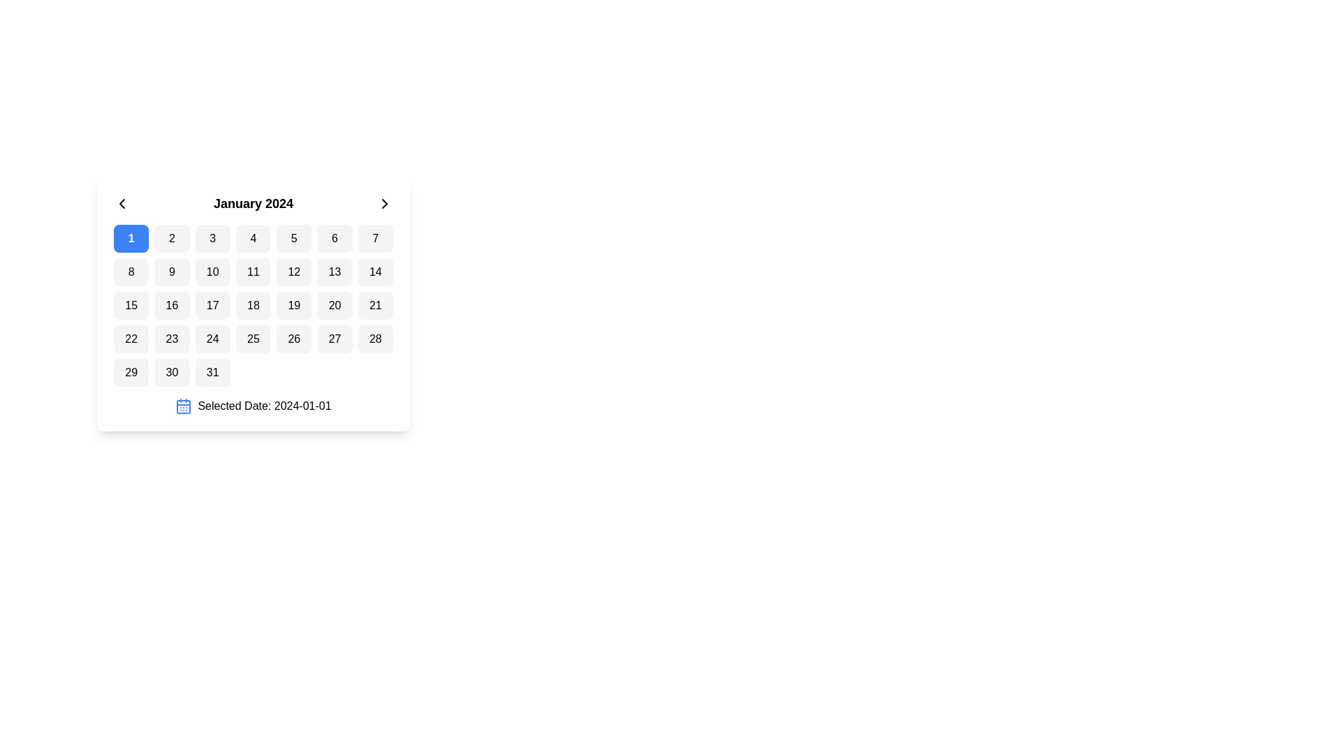 The height and width of the screenshot is (754, 1341). Describe the element at coordinates (375, 339) in the screenshot. I see `the button-like calendar cell displaying the number '28', located in the last column of the fifth row` at that location.